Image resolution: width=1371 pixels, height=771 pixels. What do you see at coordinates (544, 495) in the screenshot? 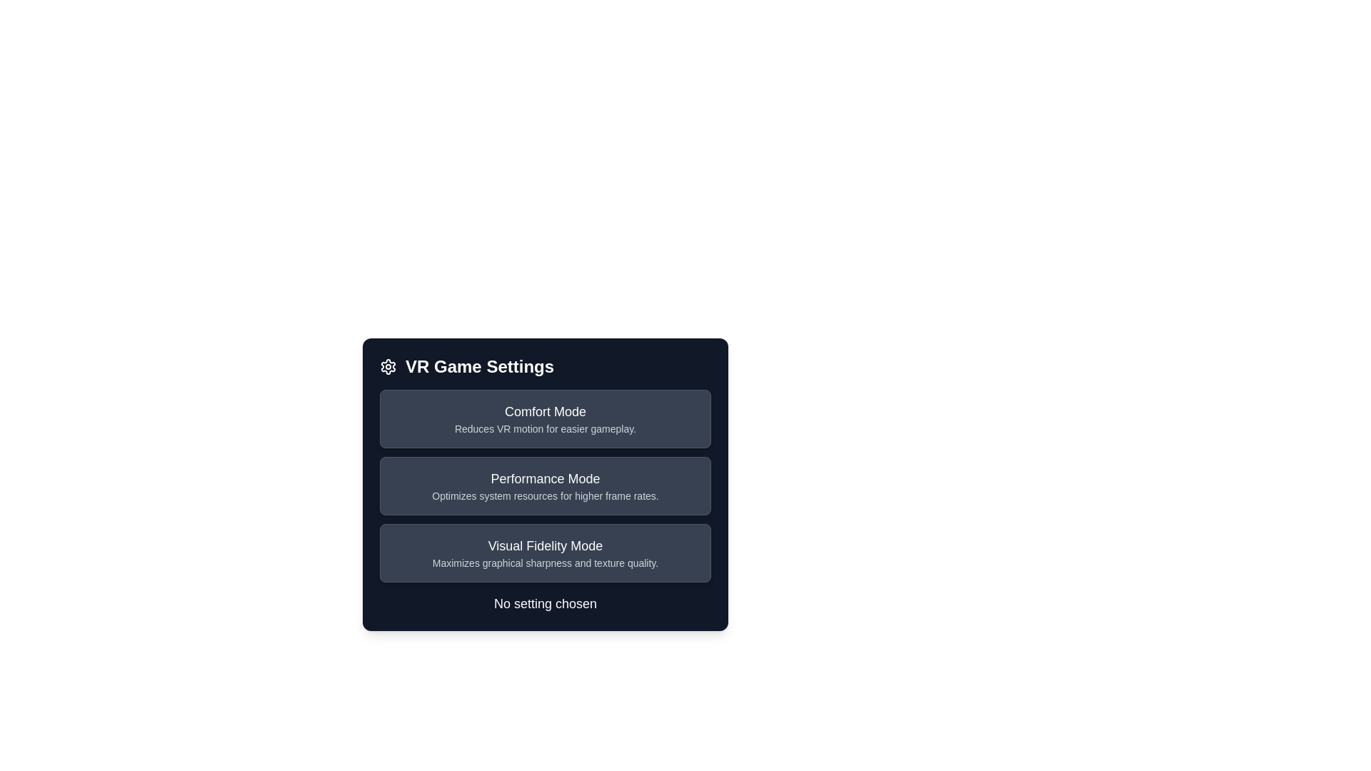
I see `the text stating 'Optimizes system resources for higher frame rates.' located beneath the 'Performance Mode' title in the 'VR Game Settings' interface` at bounding box center [544, 495].